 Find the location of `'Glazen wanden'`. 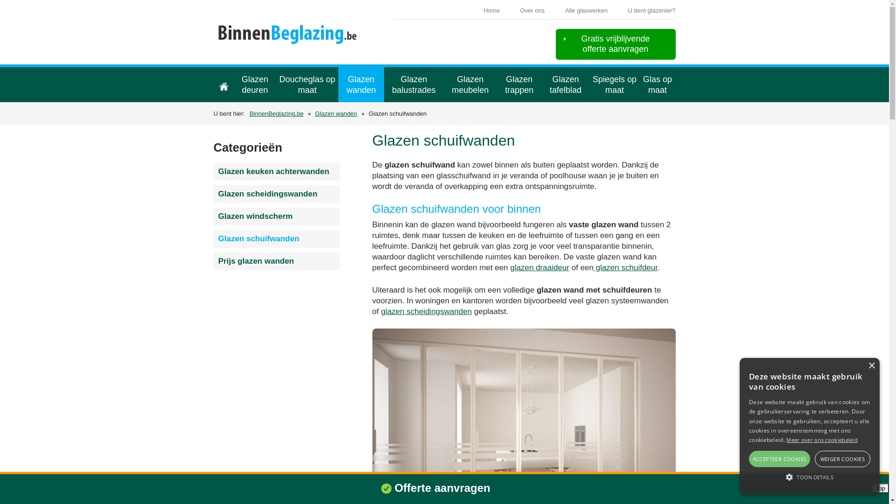

'Glazen wanden' is located at coordinates (336, 113).